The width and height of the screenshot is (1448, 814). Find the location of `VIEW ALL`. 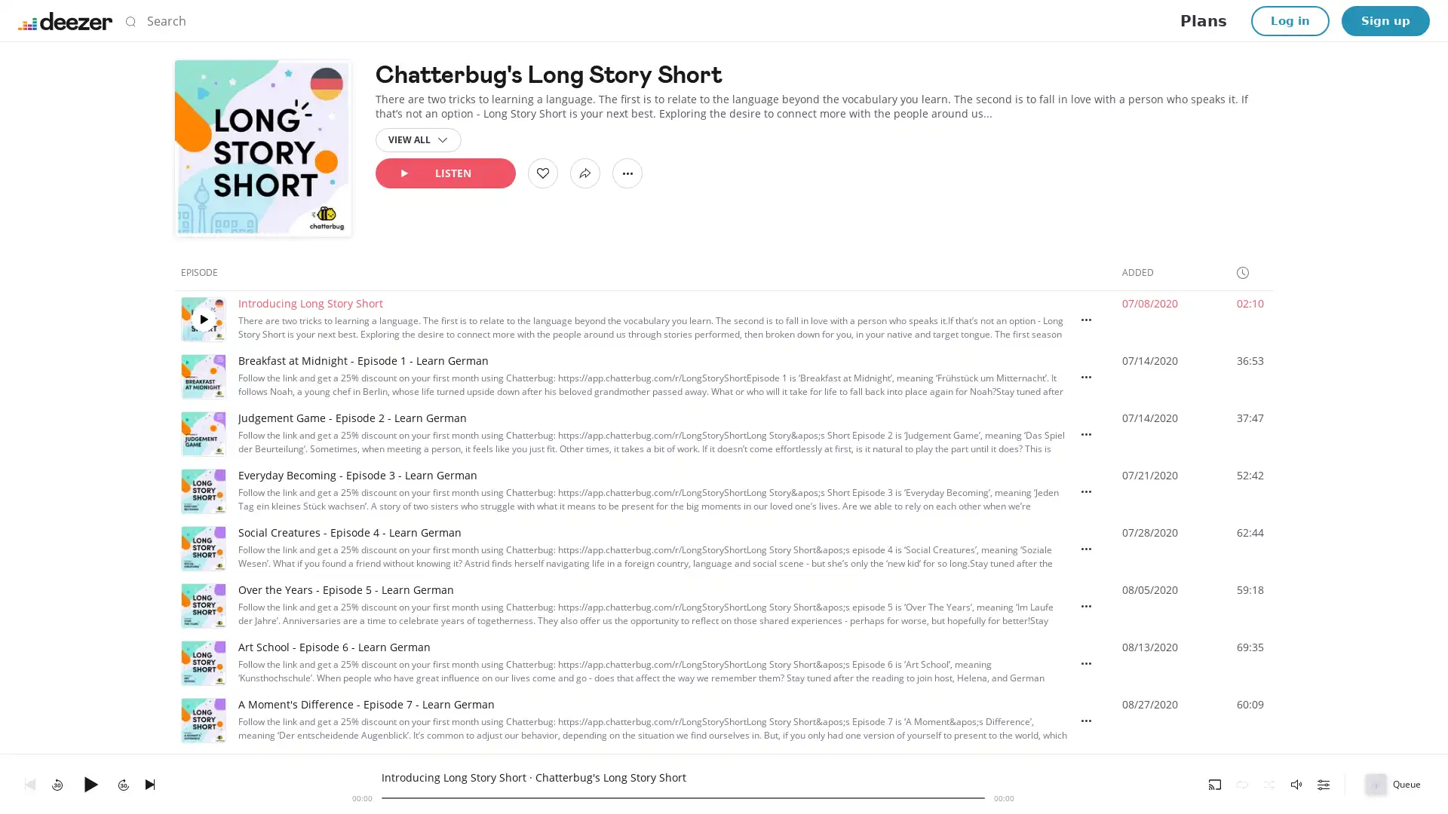

VIEW ALL is located at coordinates (419, 139).